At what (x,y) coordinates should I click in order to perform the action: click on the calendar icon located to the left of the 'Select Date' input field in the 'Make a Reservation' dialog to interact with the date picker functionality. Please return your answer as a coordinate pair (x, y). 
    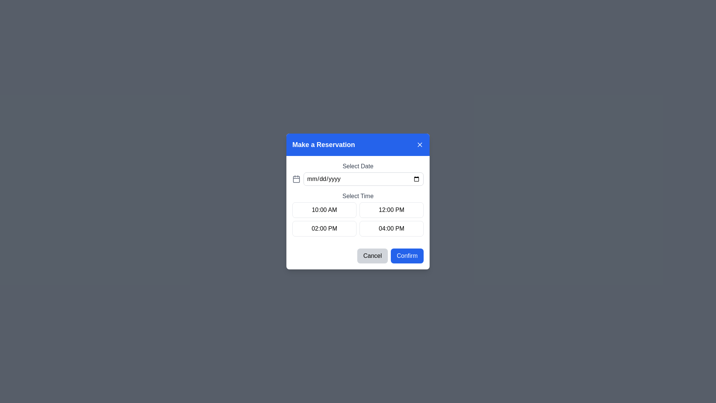
    Looking at the image, I should click on (296, 179).